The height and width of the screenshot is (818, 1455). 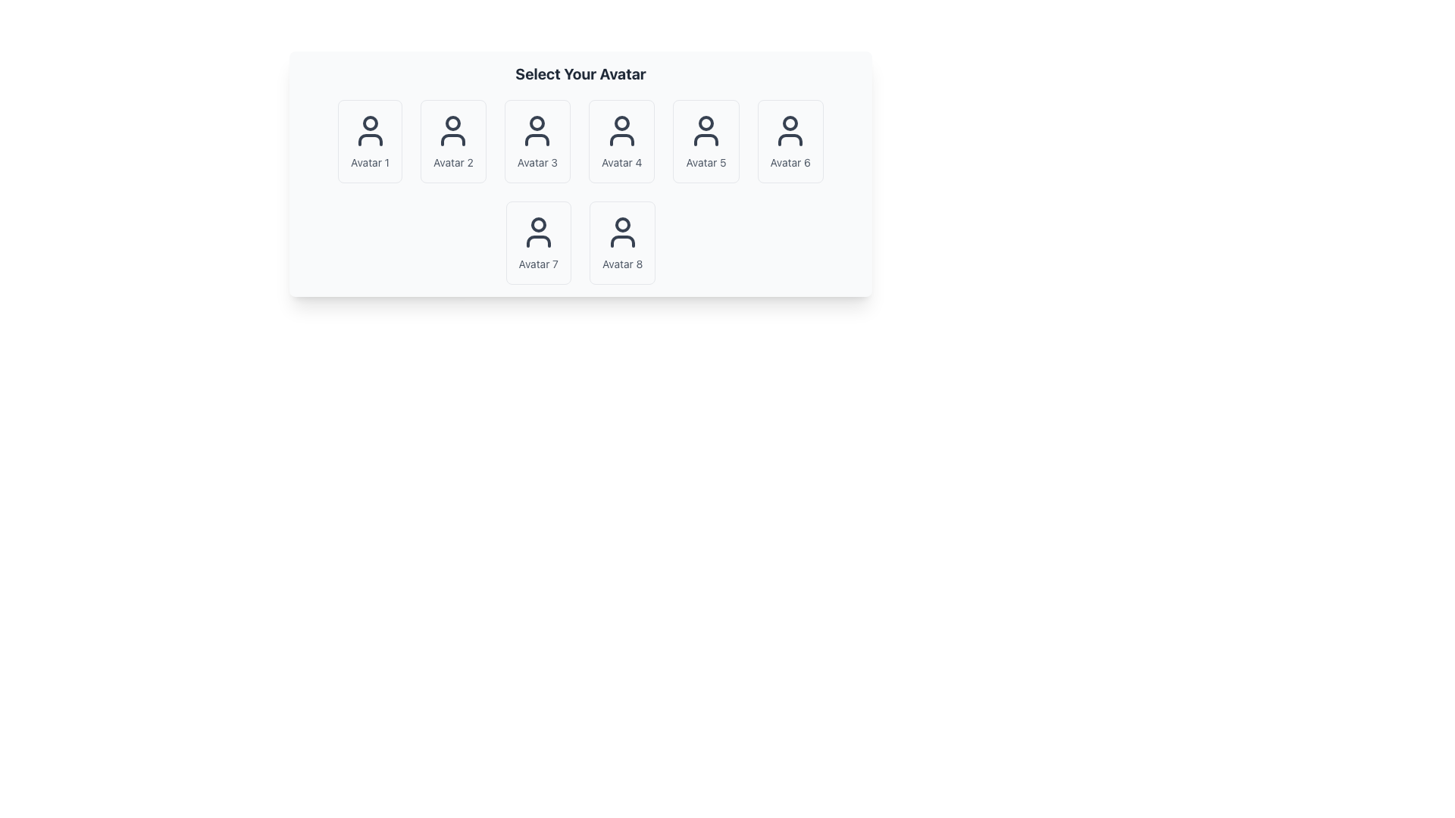 I want to click on the 'Avatar 1' icon, which is centrally aligned in the first avatar selection card of the avatar grid, so click(x=370, y=130).